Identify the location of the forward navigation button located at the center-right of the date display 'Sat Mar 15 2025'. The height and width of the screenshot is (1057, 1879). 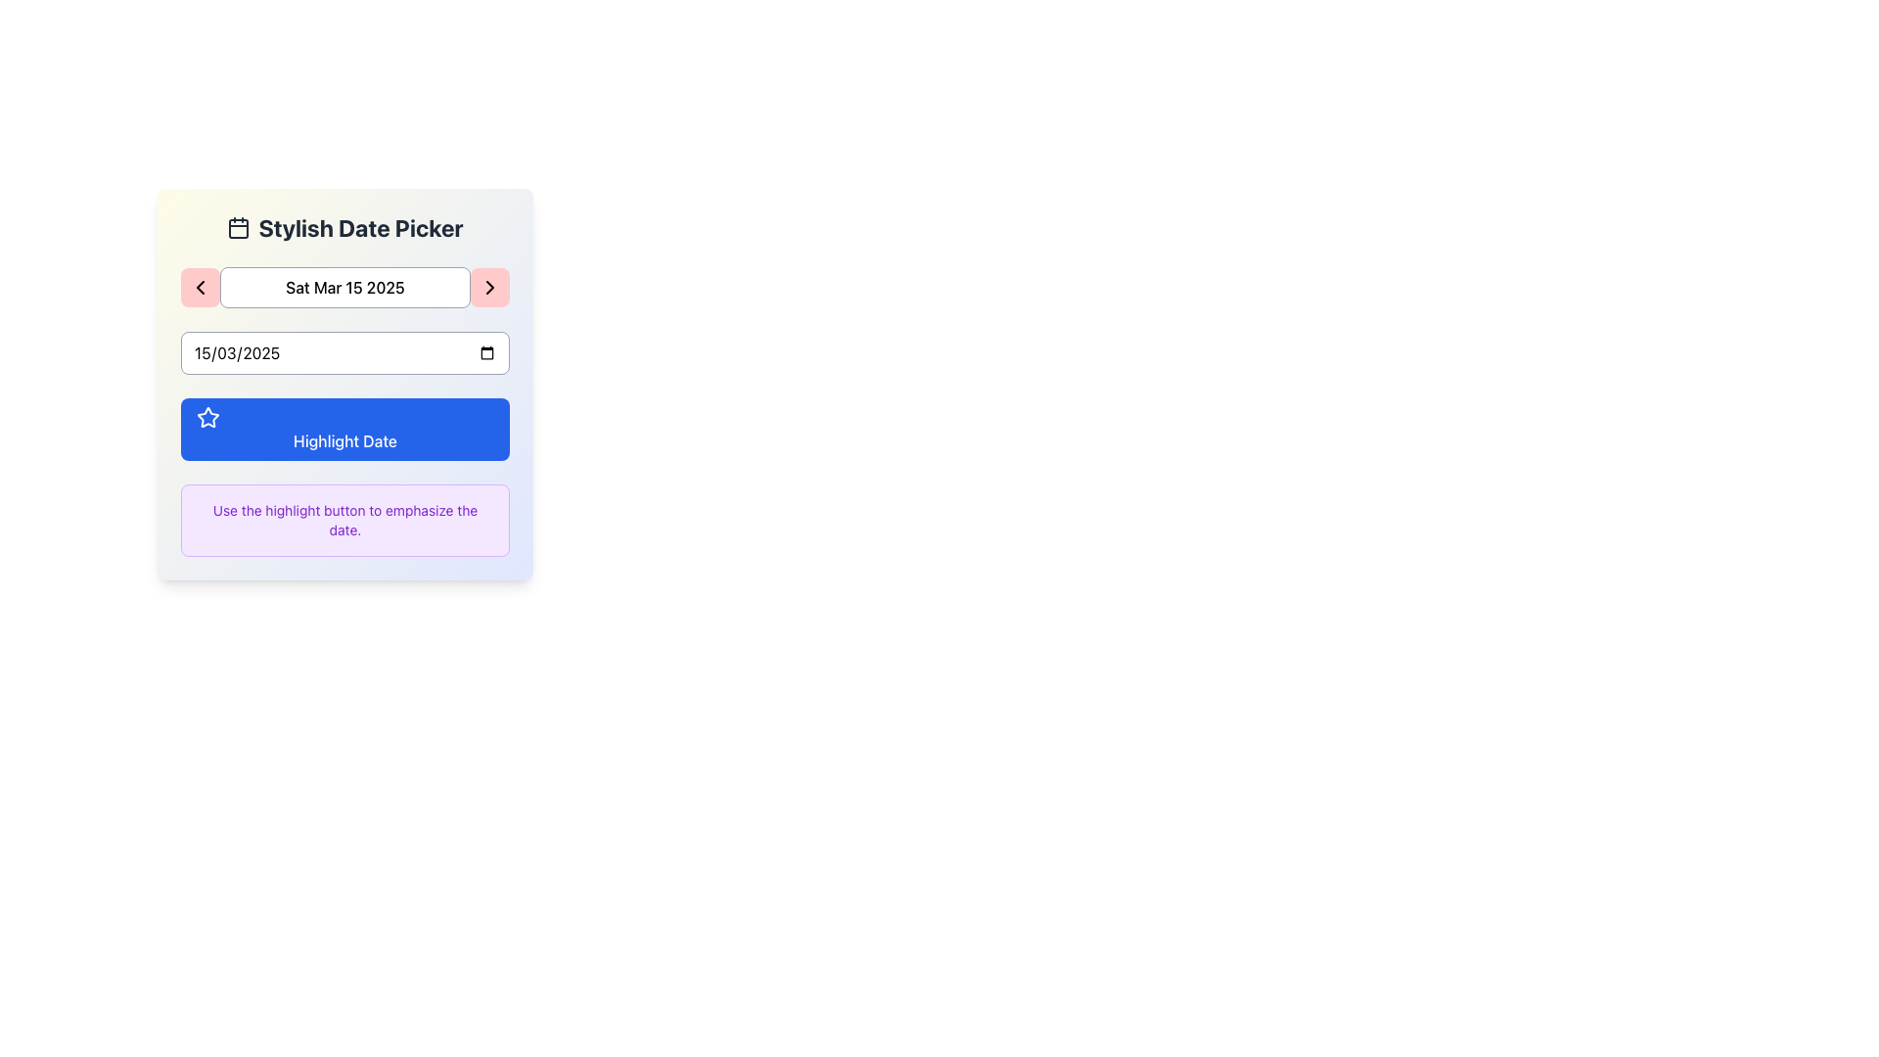
(489, 287).